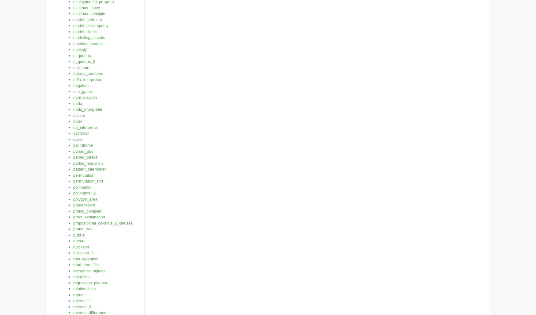 The image size is (536, 315). I want to click on 'propositional_calculus_2_clauses', so click(103, 223).